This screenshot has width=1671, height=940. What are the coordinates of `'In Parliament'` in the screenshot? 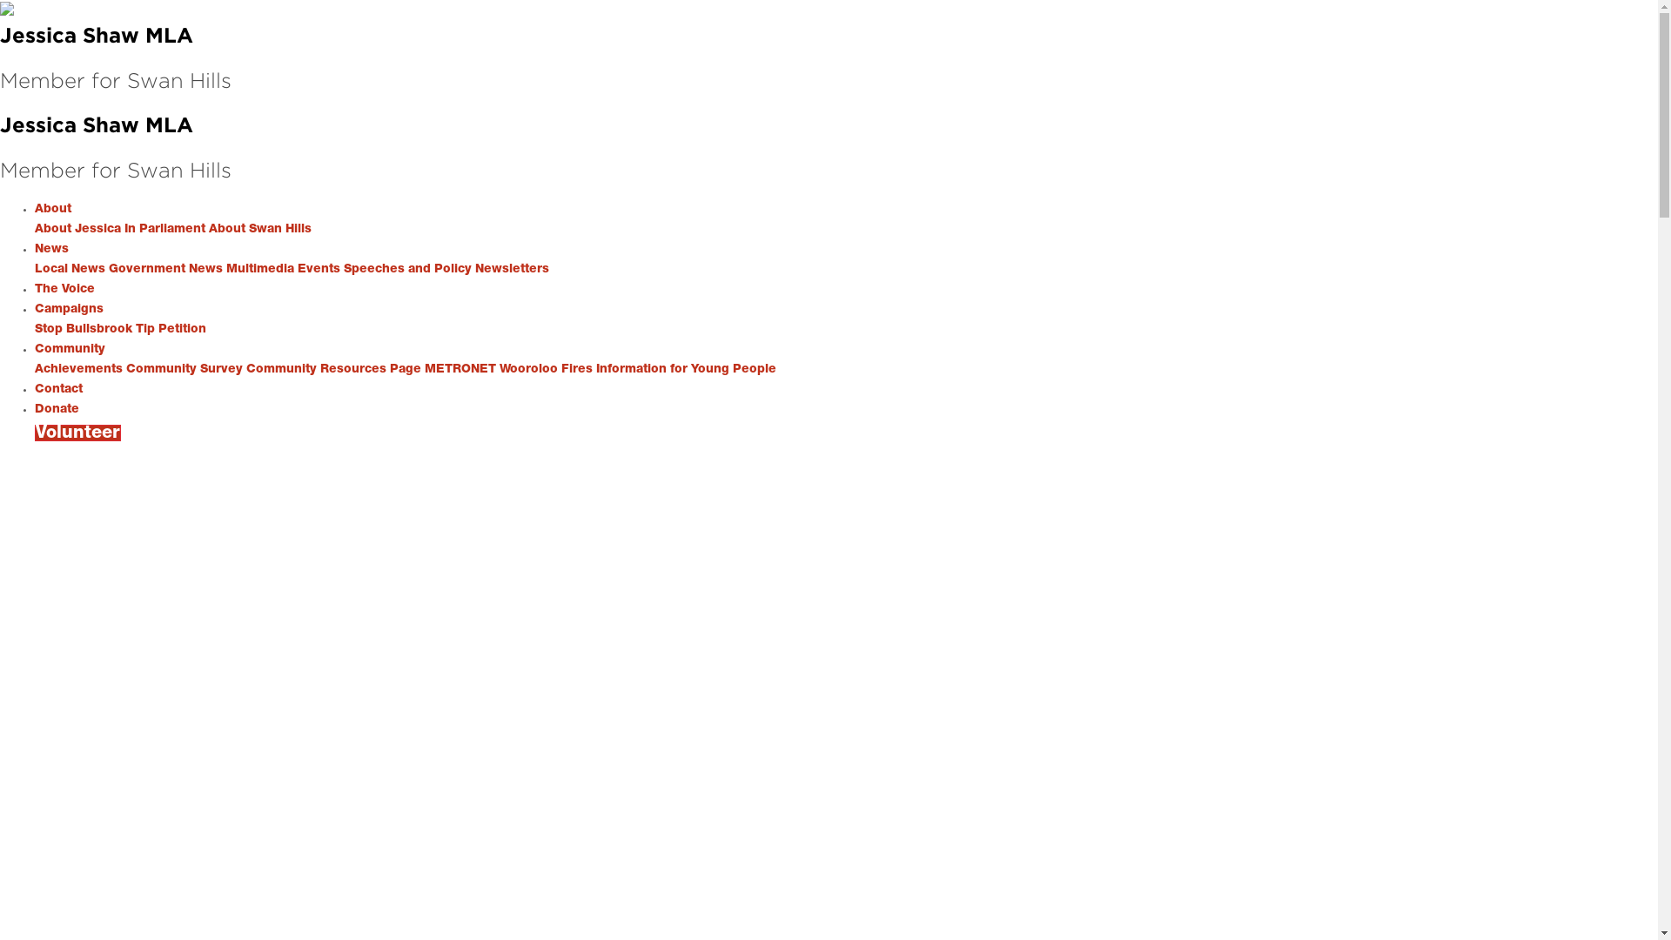 It's located at (164, 227).